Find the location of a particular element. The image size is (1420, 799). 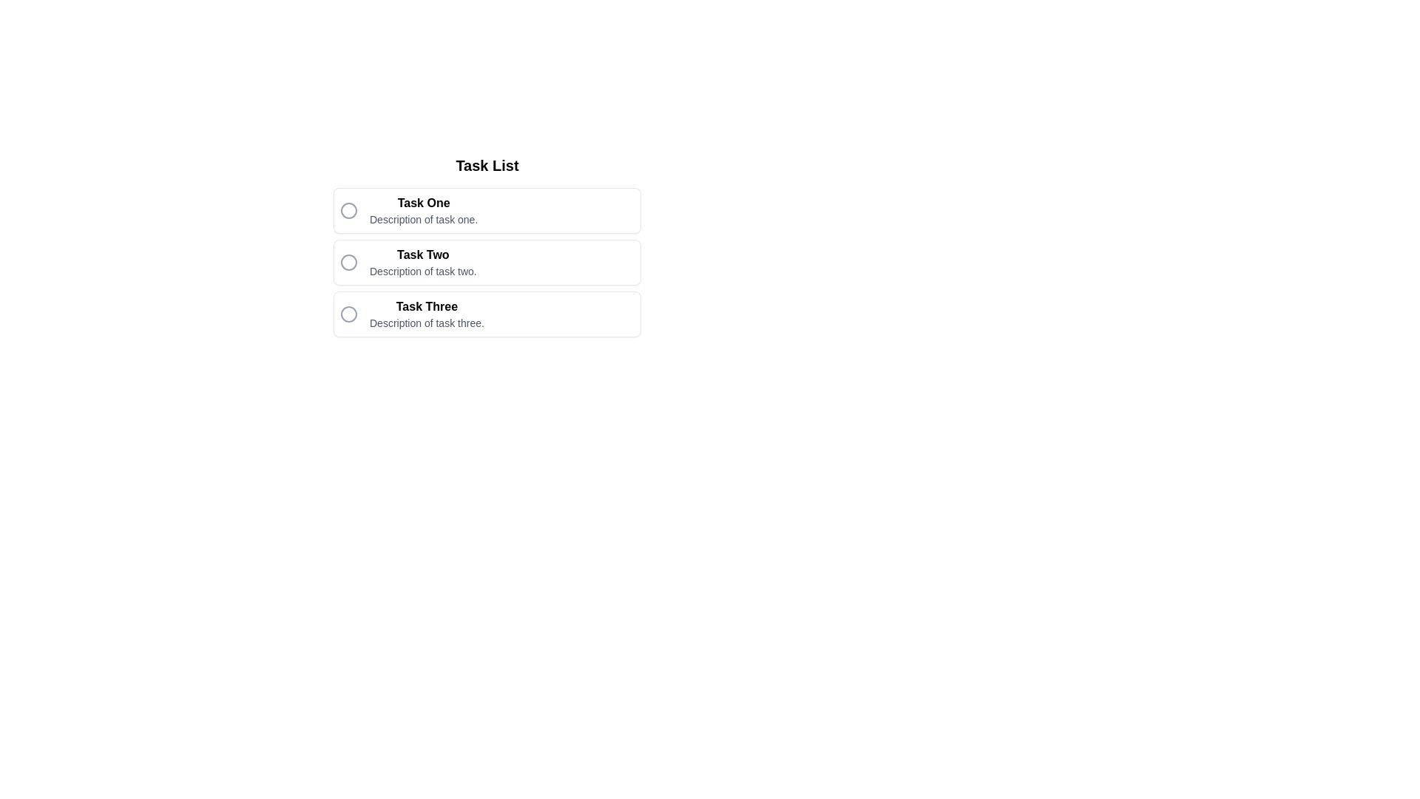

the text label that serves as the title for the first task in the task list, which is centered horizontally within its enclosing box is located at coordinates (423, 203).